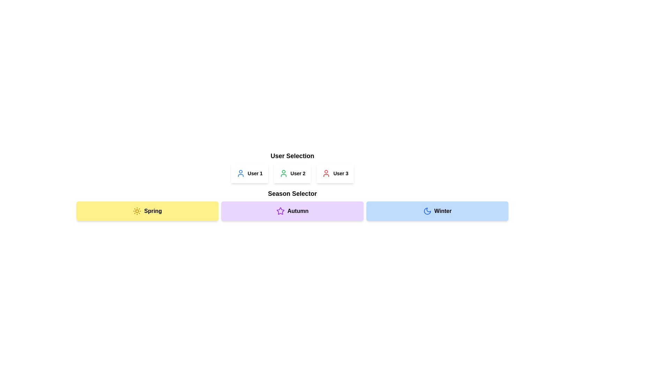 This screenshot has width=670, height=377. Describe the element at coordinates (292, 211) in the screenshot. I see `the center section of the season selection bar` at that location.